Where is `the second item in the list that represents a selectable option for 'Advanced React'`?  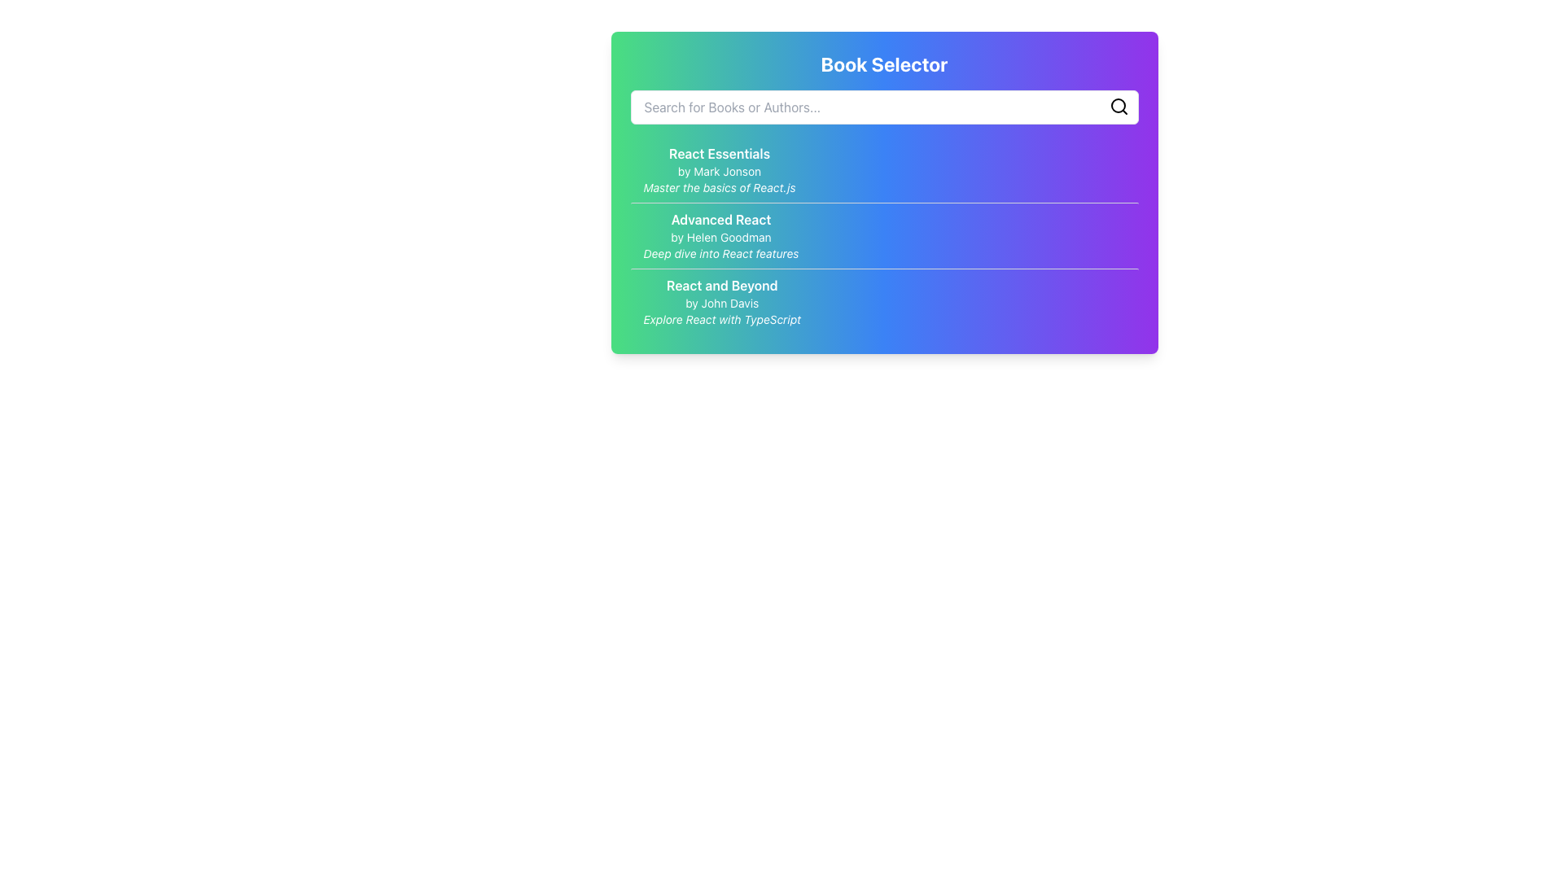 the second item in the list that represents a selectable option for 'Advanced React' is located at coordinates (883, 235).